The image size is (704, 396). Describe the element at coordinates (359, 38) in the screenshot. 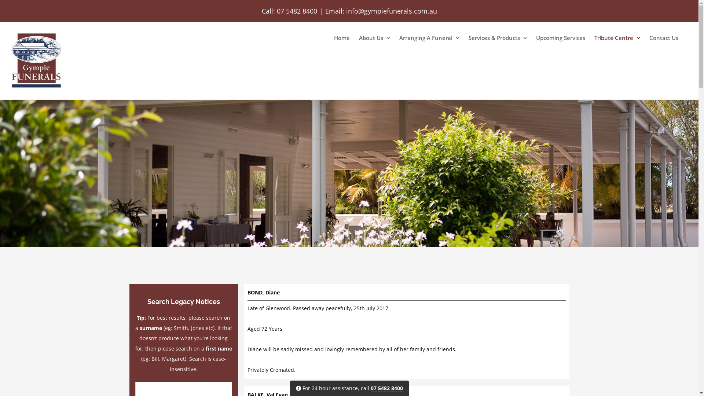

I see `'About Us'` at that location.